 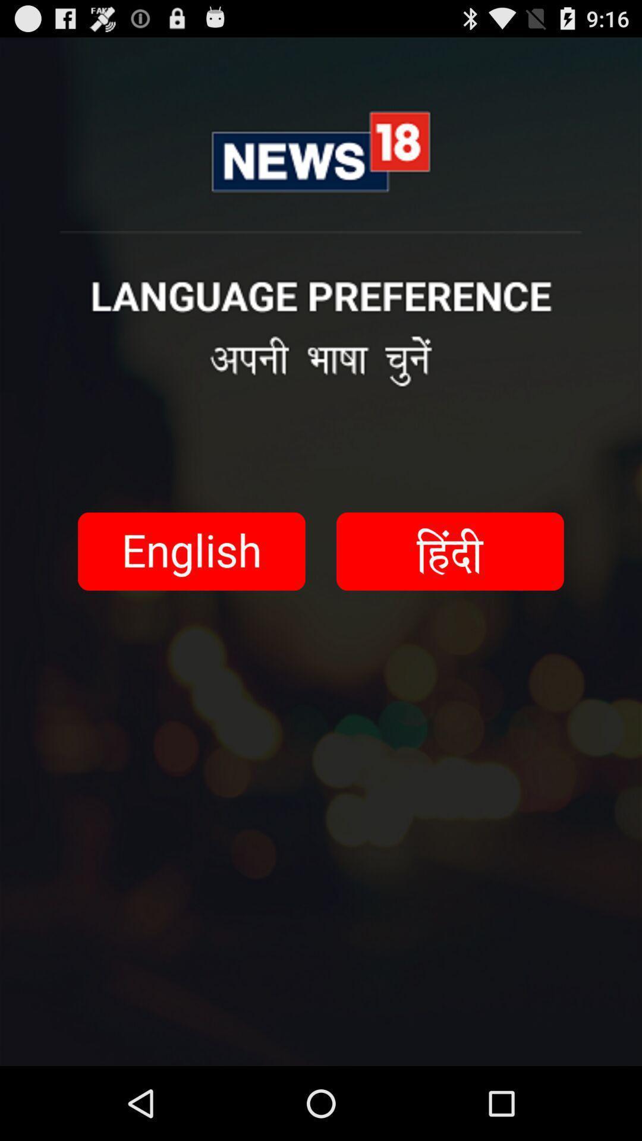 What do you see at coordinates (191, 551) in the screenshot?
I see `english languages` at bounding box center [191, 551].